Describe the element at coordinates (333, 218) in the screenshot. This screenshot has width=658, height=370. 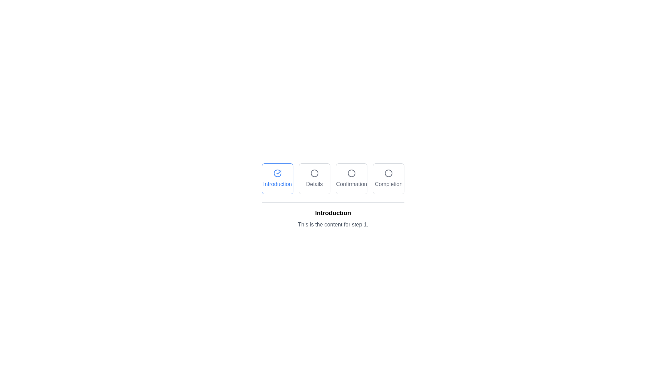
I see `the informational Text Block explaining the current step in the multi-step process, located below the navigation step headers and beneath the 'Introduction' step button` at that location.